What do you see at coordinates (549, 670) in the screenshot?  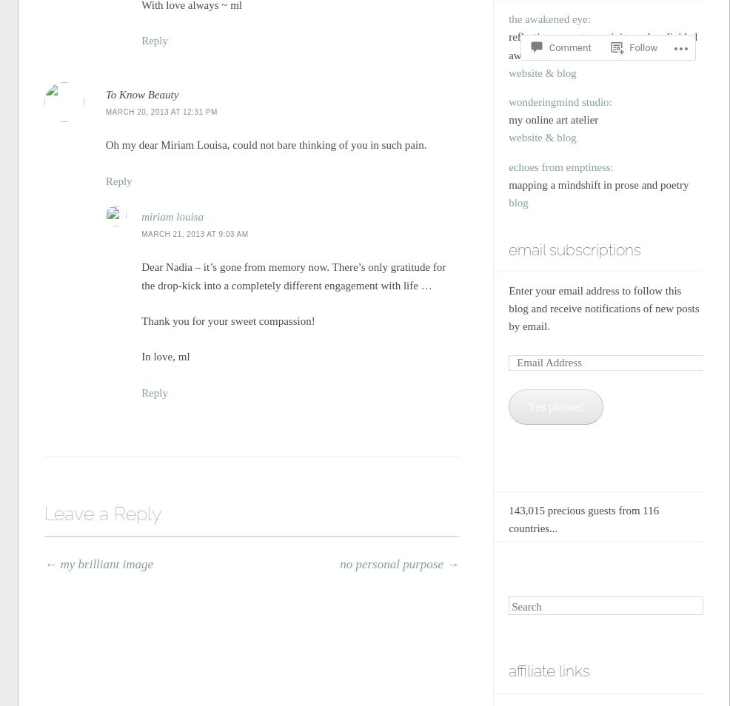 I see `'affiliate links'` at bounding box center [549, 670].